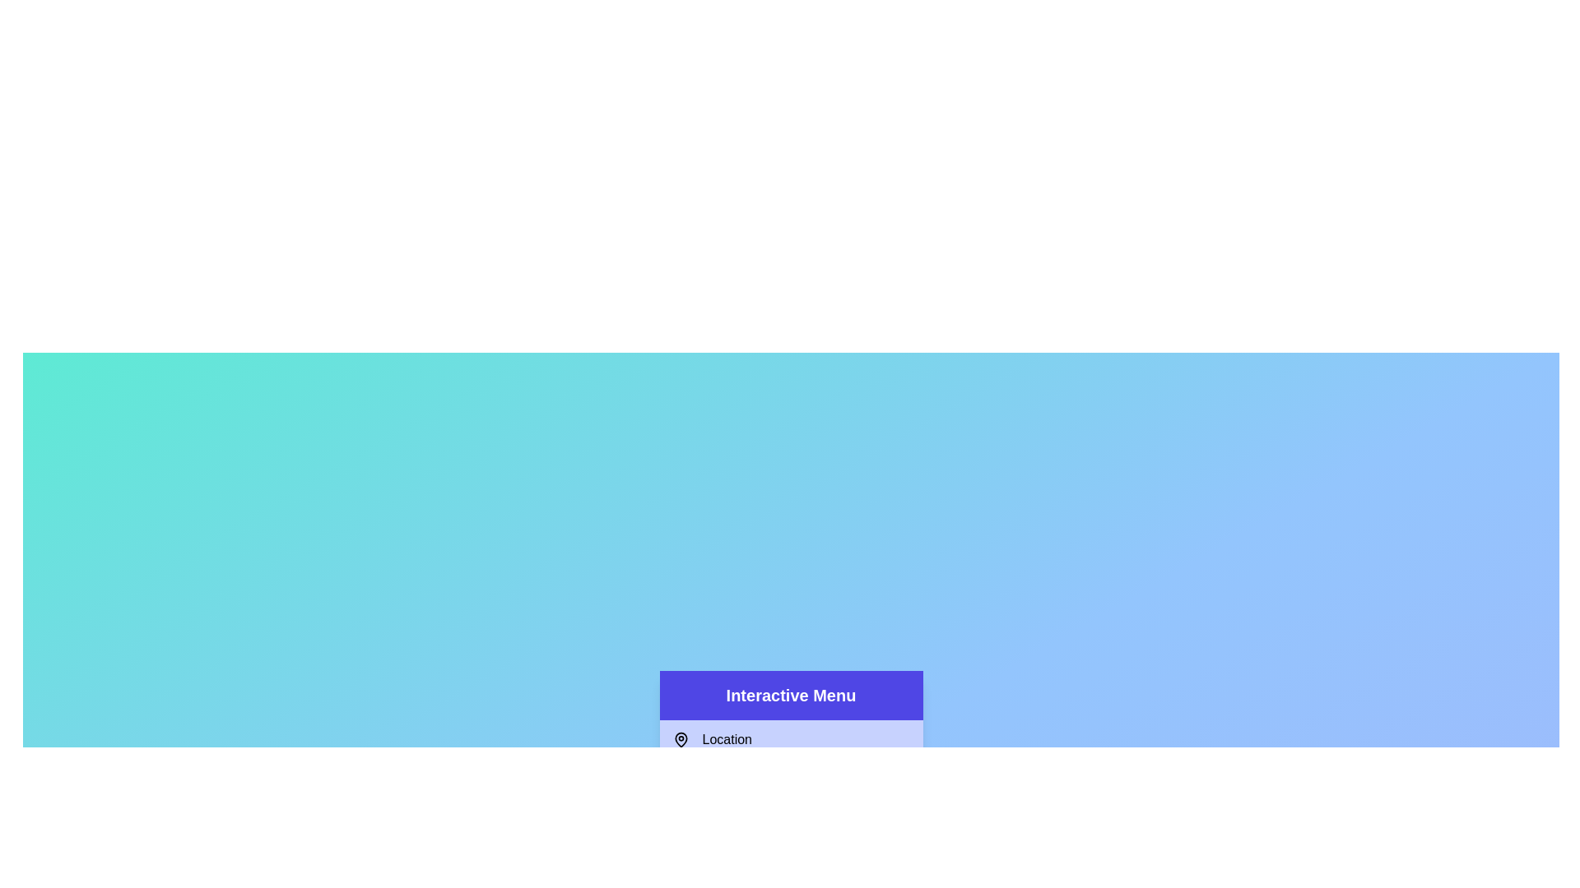 The width and height of the screenshot is (1580, 888). I want to click on the menu item labeled 'Location' to view its detailed information, so click(791, 738).